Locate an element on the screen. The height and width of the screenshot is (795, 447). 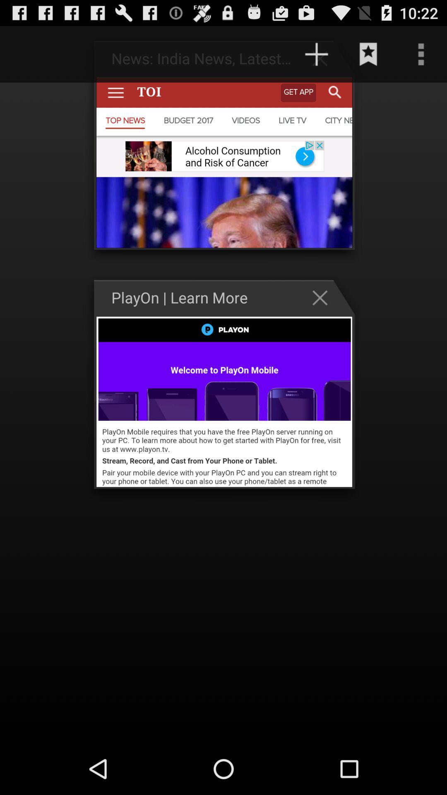
the icon next to http www playon is located at coordinates (34, 54).